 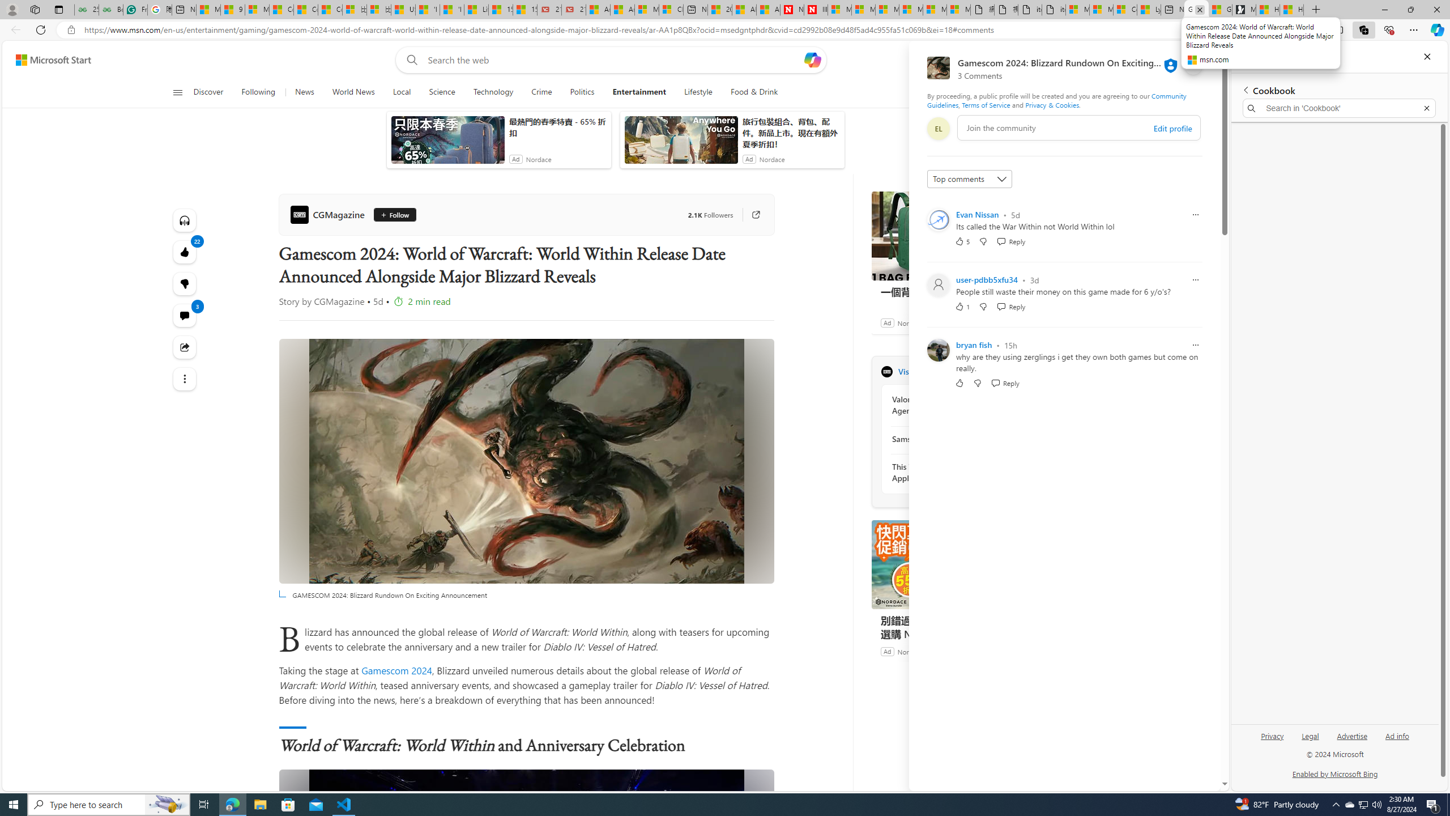 What do you see at coordinates (1052, 9) in the screenshot?
I see `'itconcepthk.com/projector_solutions.mp4'` at bounding box center [1052, 9].